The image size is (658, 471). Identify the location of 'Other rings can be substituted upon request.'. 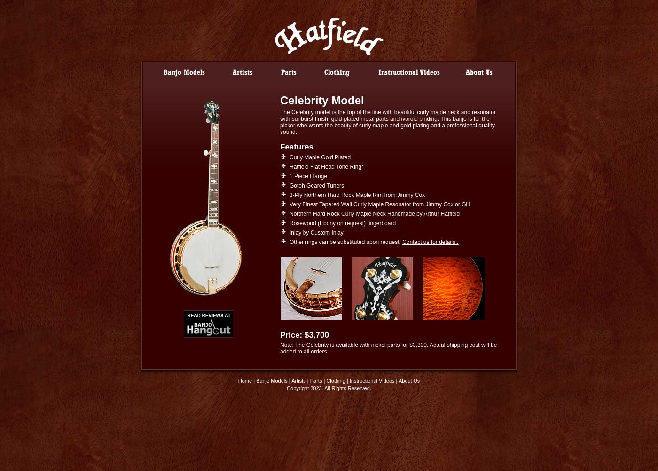
(345, 242).